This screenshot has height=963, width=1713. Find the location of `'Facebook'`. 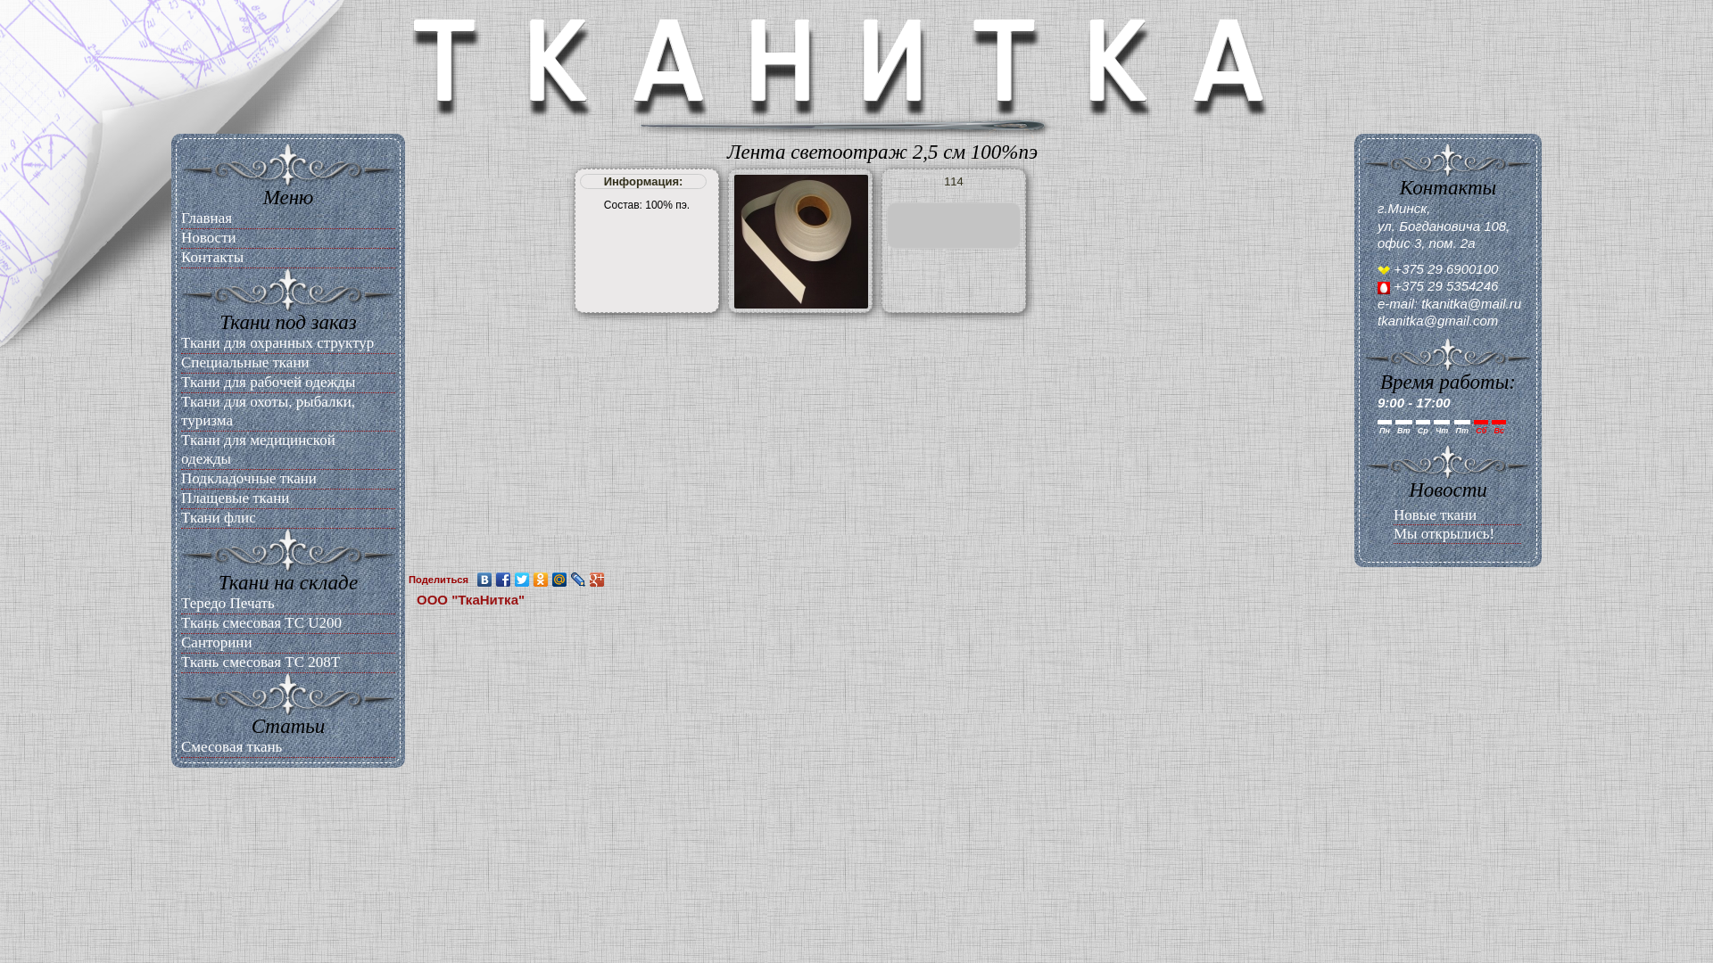

'Facebook' is located at coordinates (502, 580).